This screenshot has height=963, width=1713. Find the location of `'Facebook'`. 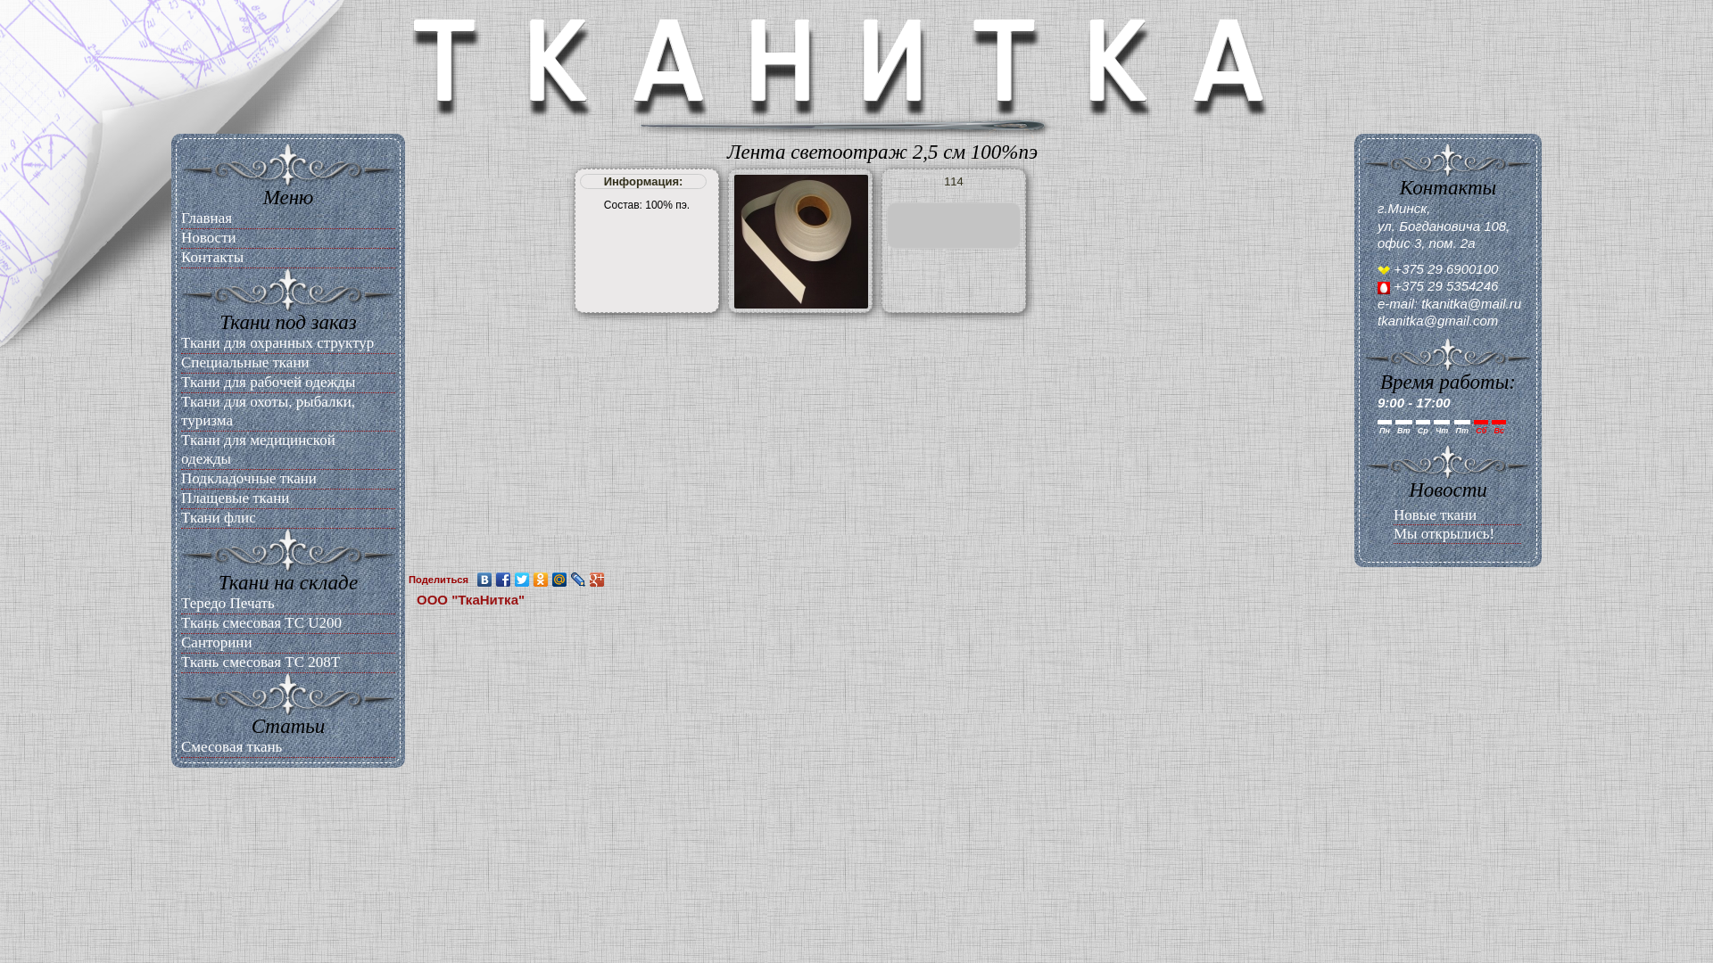

'Facebook' is located at coordinates (502, 580).